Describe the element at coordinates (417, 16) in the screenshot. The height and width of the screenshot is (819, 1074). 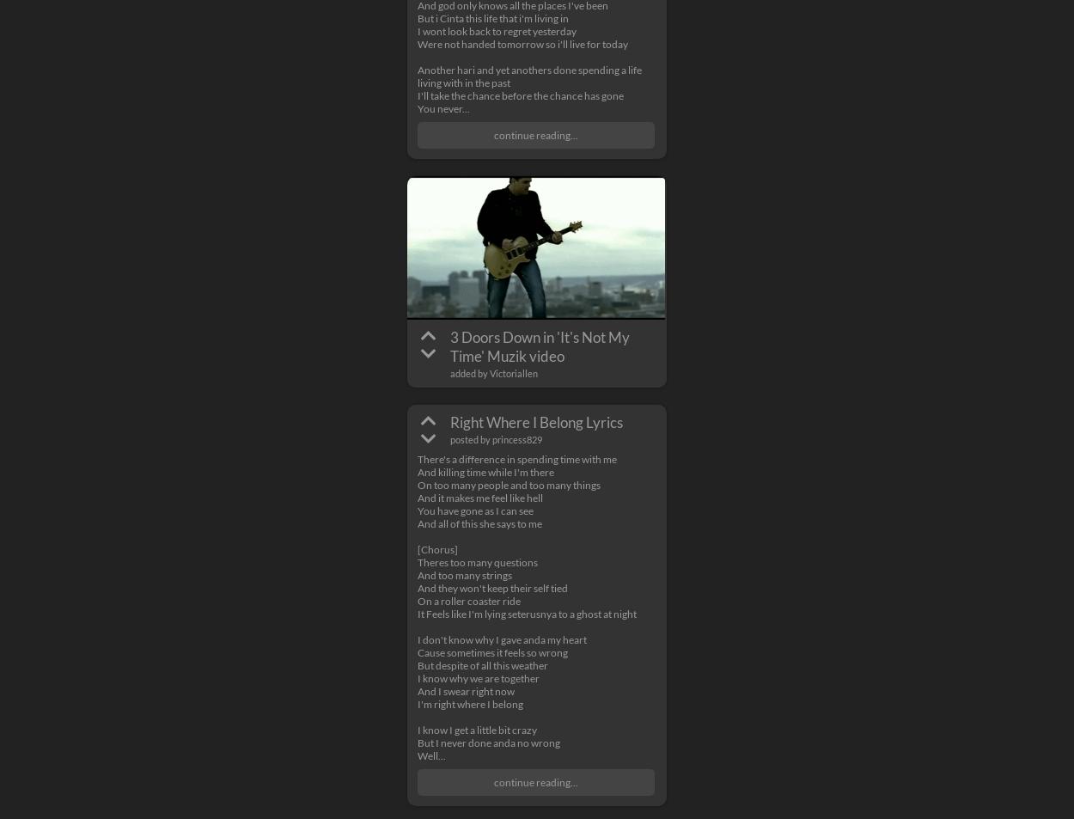
I see `'But i Cinta this life that i'm living in'` at that location.